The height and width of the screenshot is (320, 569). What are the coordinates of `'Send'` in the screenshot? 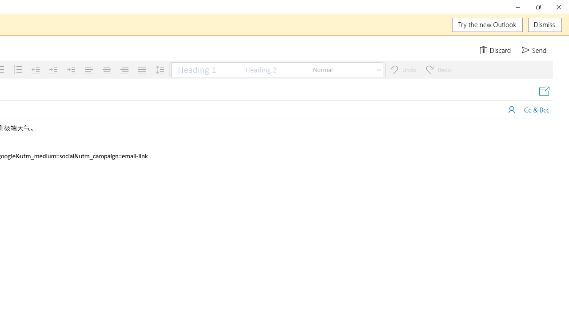 It's located at (534, 50).